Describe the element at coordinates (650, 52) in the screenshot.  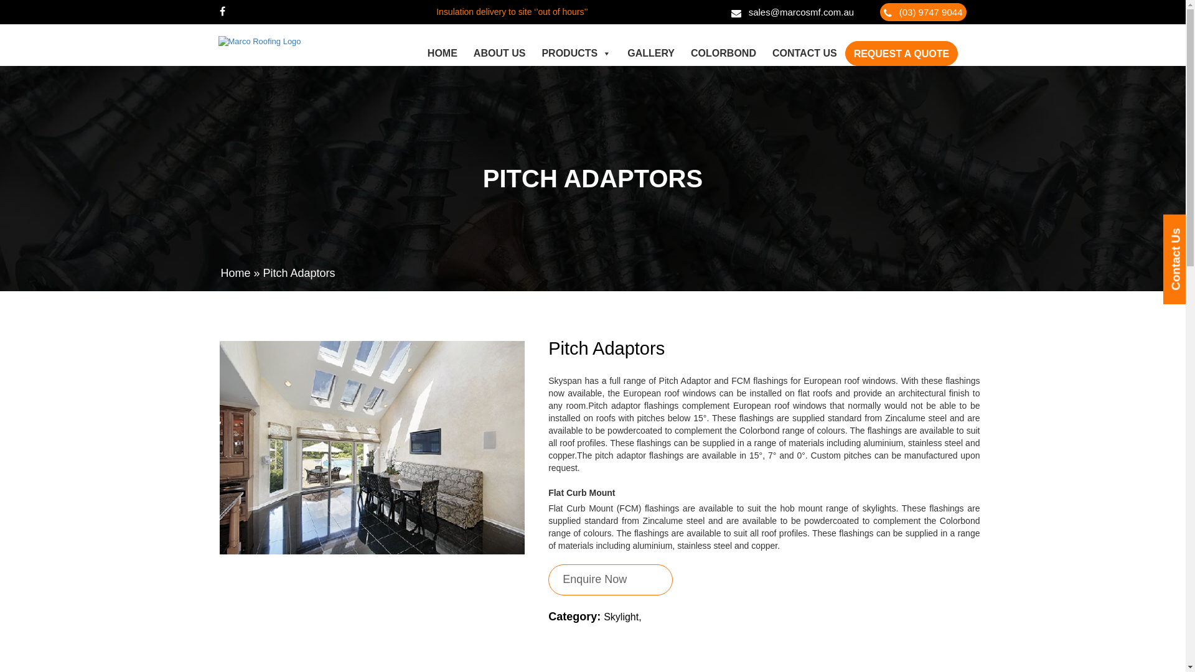
I see `'GALLERY'` at that location.